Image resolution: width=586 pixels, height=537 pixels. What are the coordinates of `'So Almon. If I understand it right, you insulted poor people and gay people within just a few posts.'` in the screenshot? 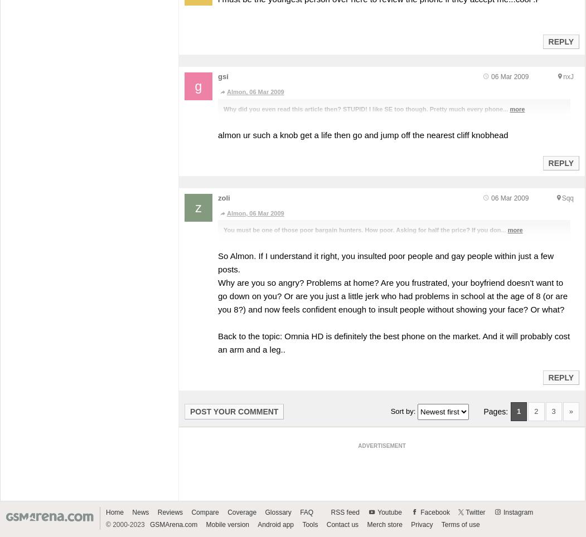 It's located at (385, 262).